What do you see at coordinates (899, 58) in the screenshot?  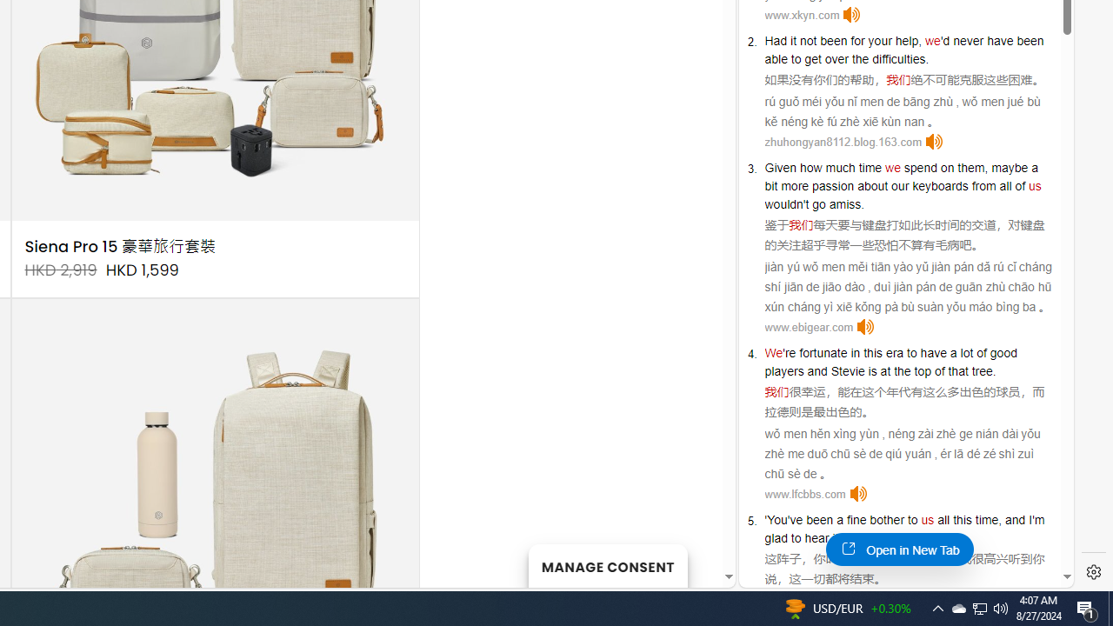 I see `'difficulties'` at bounding box center [899, 58].